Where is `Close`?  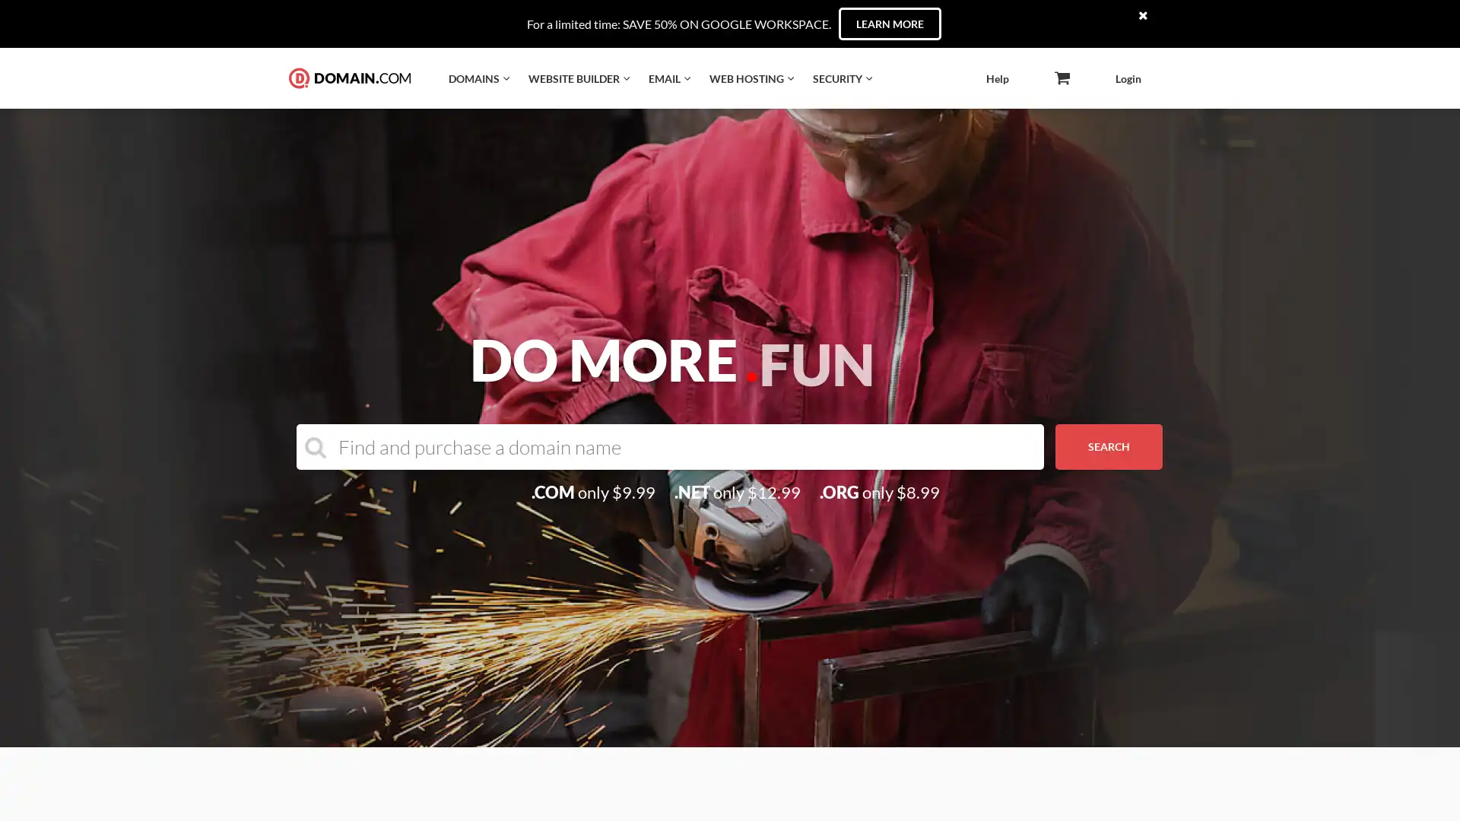
Close is located at coordinates (278, 594).